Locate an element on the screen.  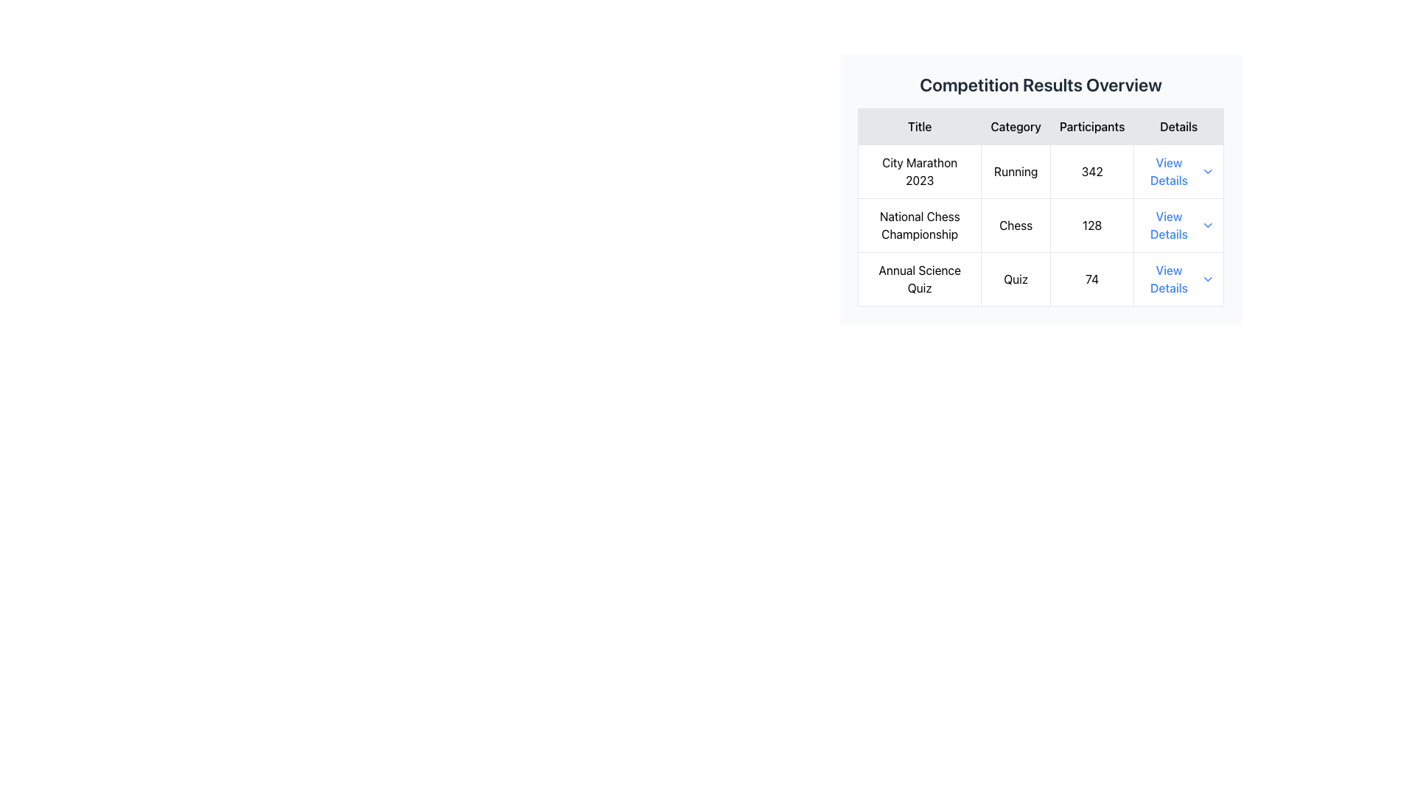
the 'View Details' interactive link in the 'Details' column for the row titled 'National Chess Championship' is located at coordinates (1178, 225).